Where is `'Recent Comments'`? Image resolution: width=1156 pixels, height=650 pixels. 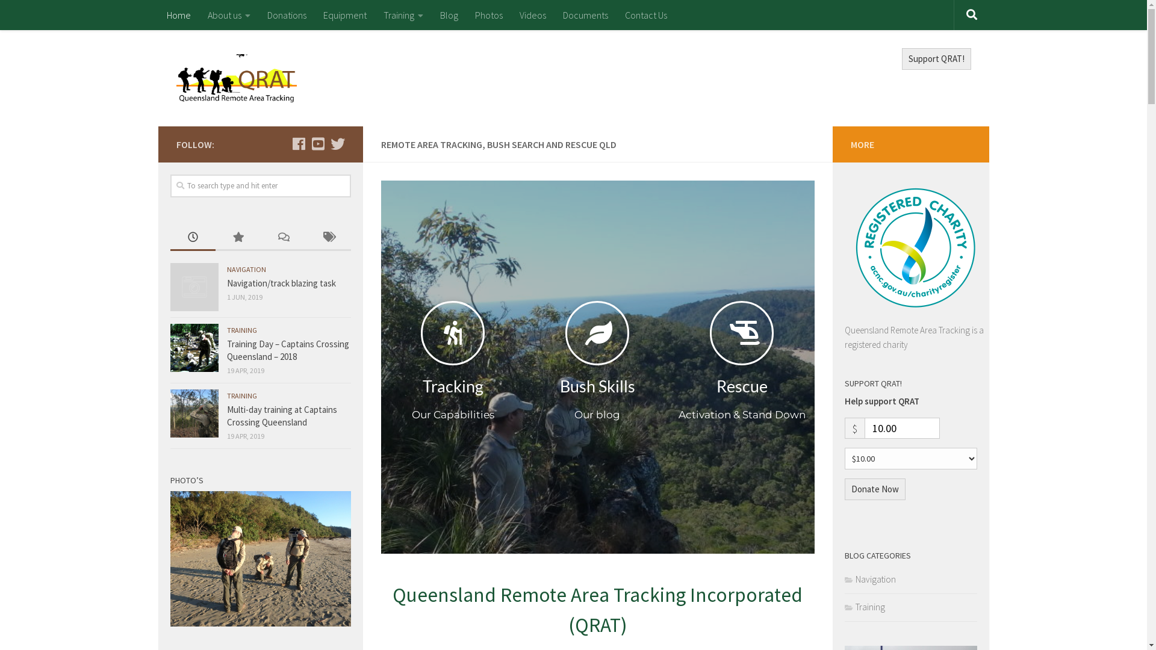
'Recent Comments' is located at coordinates (282, 238).